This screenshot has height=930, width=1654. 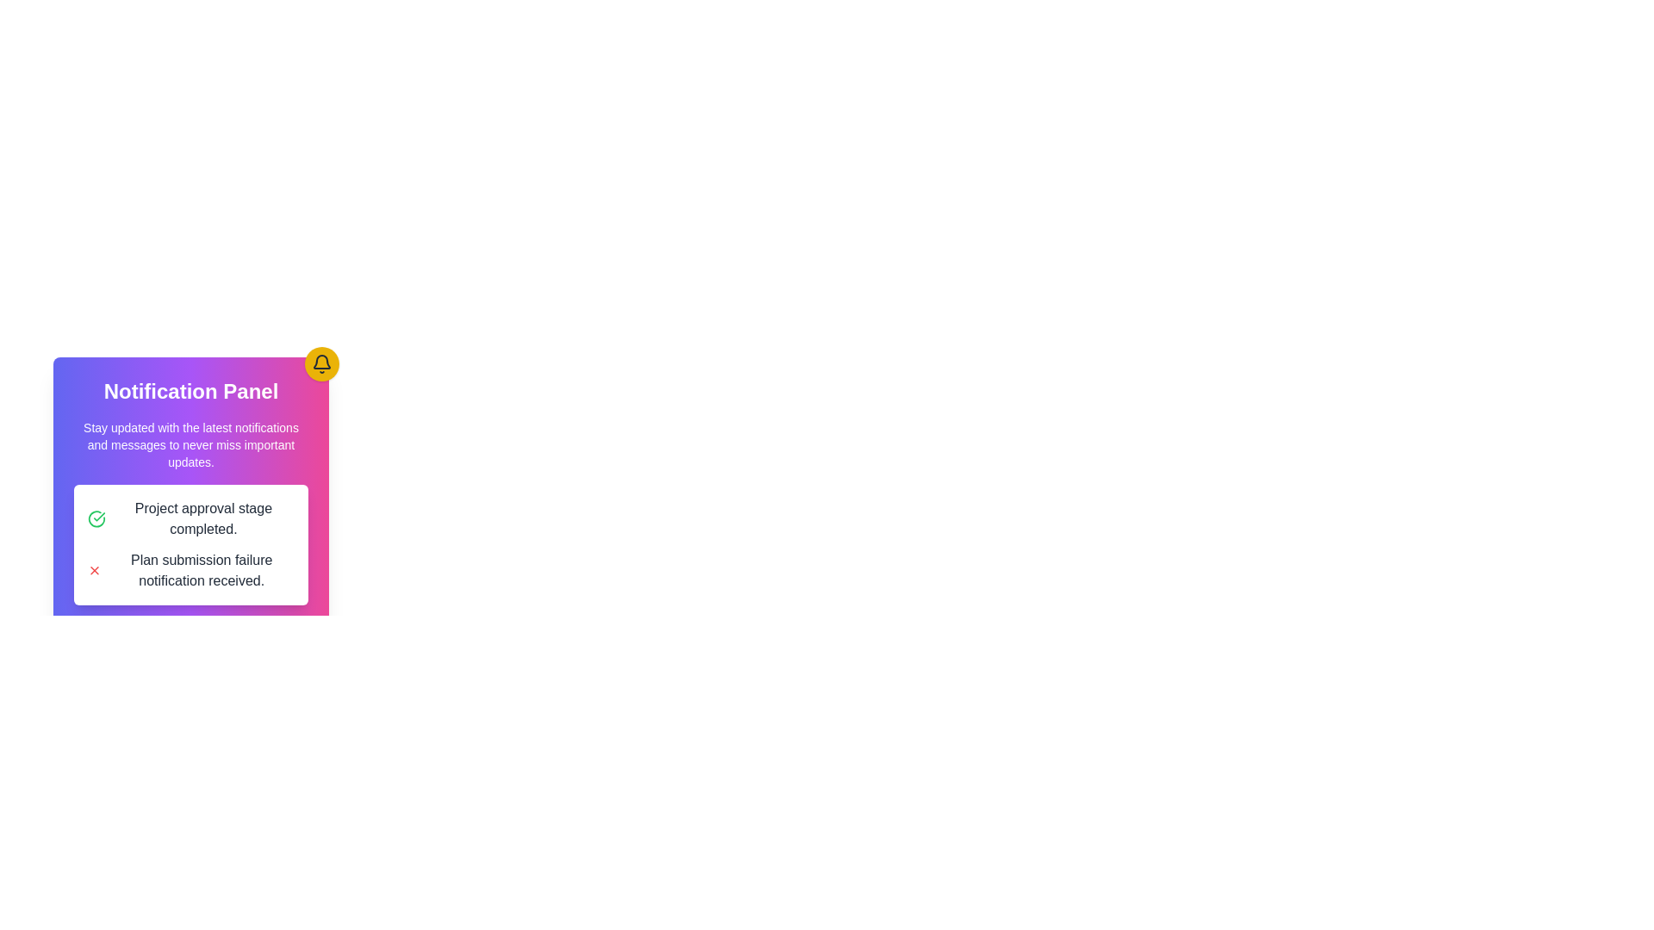 What do you see at coordinates (322, 363) in the screenshot?
I see `the notification bell icon, which is a dark gray silhouette on a gold circular background, located at the top-right corner of the notification panel` at bounding box center [322, 363].